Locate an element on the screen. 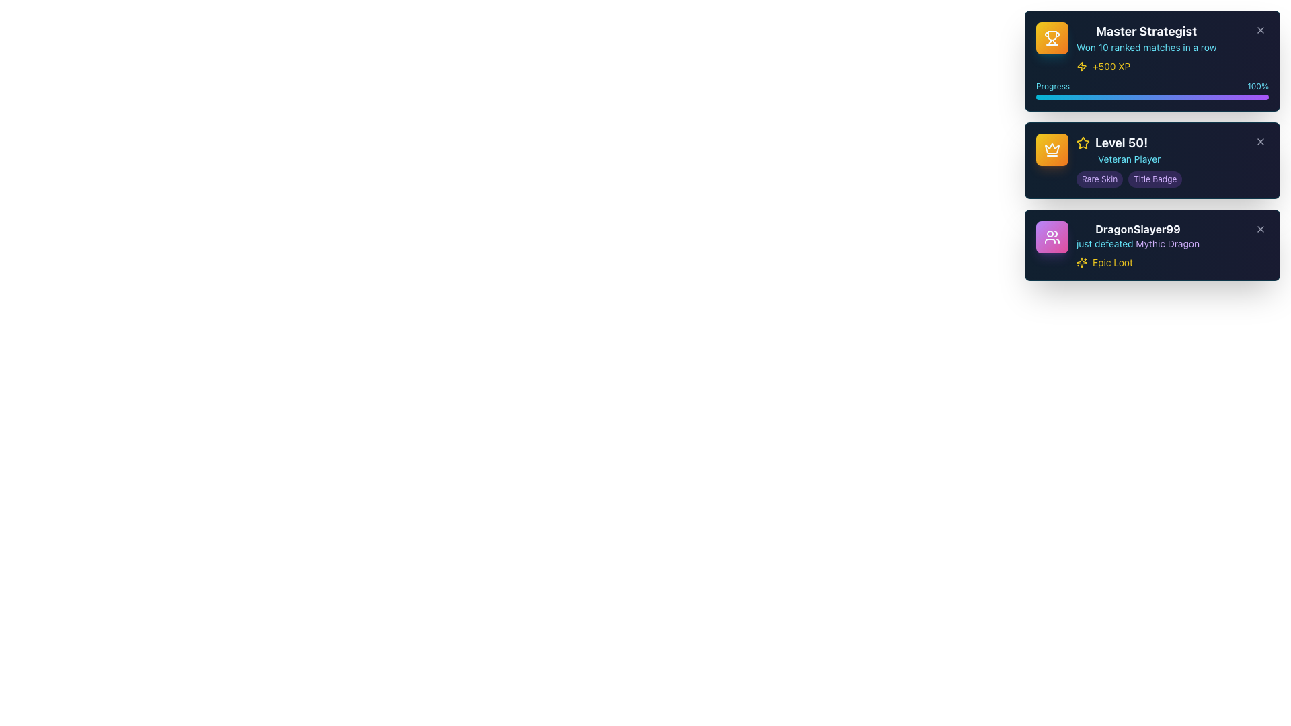 The image size is (1291, 726). the icon located at the top-left corner of the 'Master Strategist' achievement card, which serves as an emblem for the content of the card is located at coordinates (1051, 38).